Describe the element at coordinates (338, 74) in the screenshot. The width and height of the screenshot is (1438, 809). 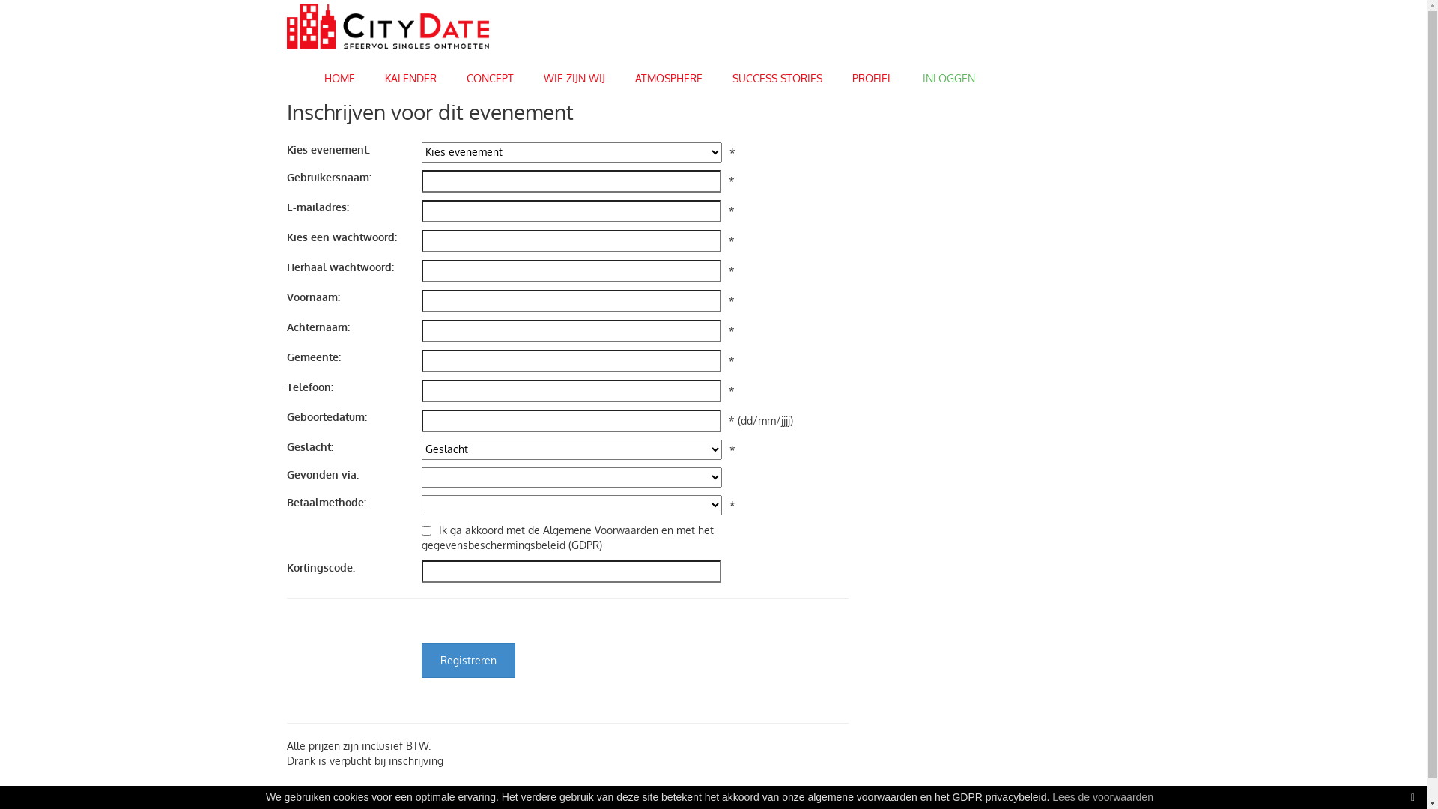
I see `'HOME'` at that location.